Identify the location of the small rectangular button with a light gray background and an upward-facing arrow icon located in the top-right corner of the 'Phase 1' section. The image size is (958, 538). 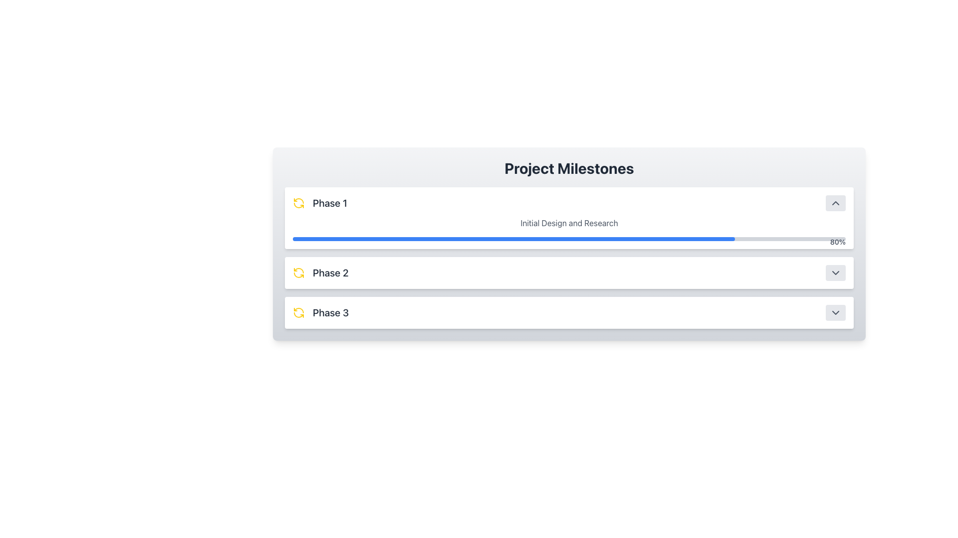
(836, 203).